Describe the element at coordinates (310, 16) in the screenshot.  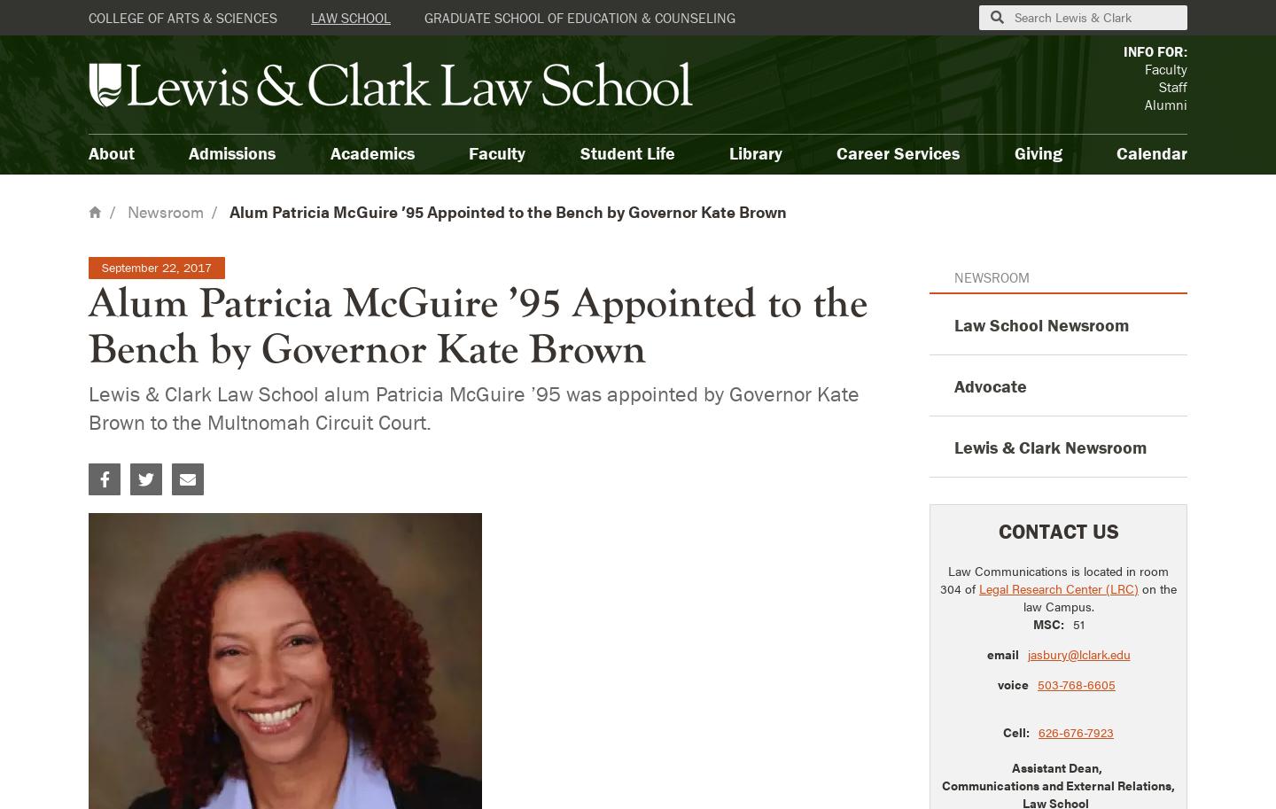
I see `'Law School'` at that location.